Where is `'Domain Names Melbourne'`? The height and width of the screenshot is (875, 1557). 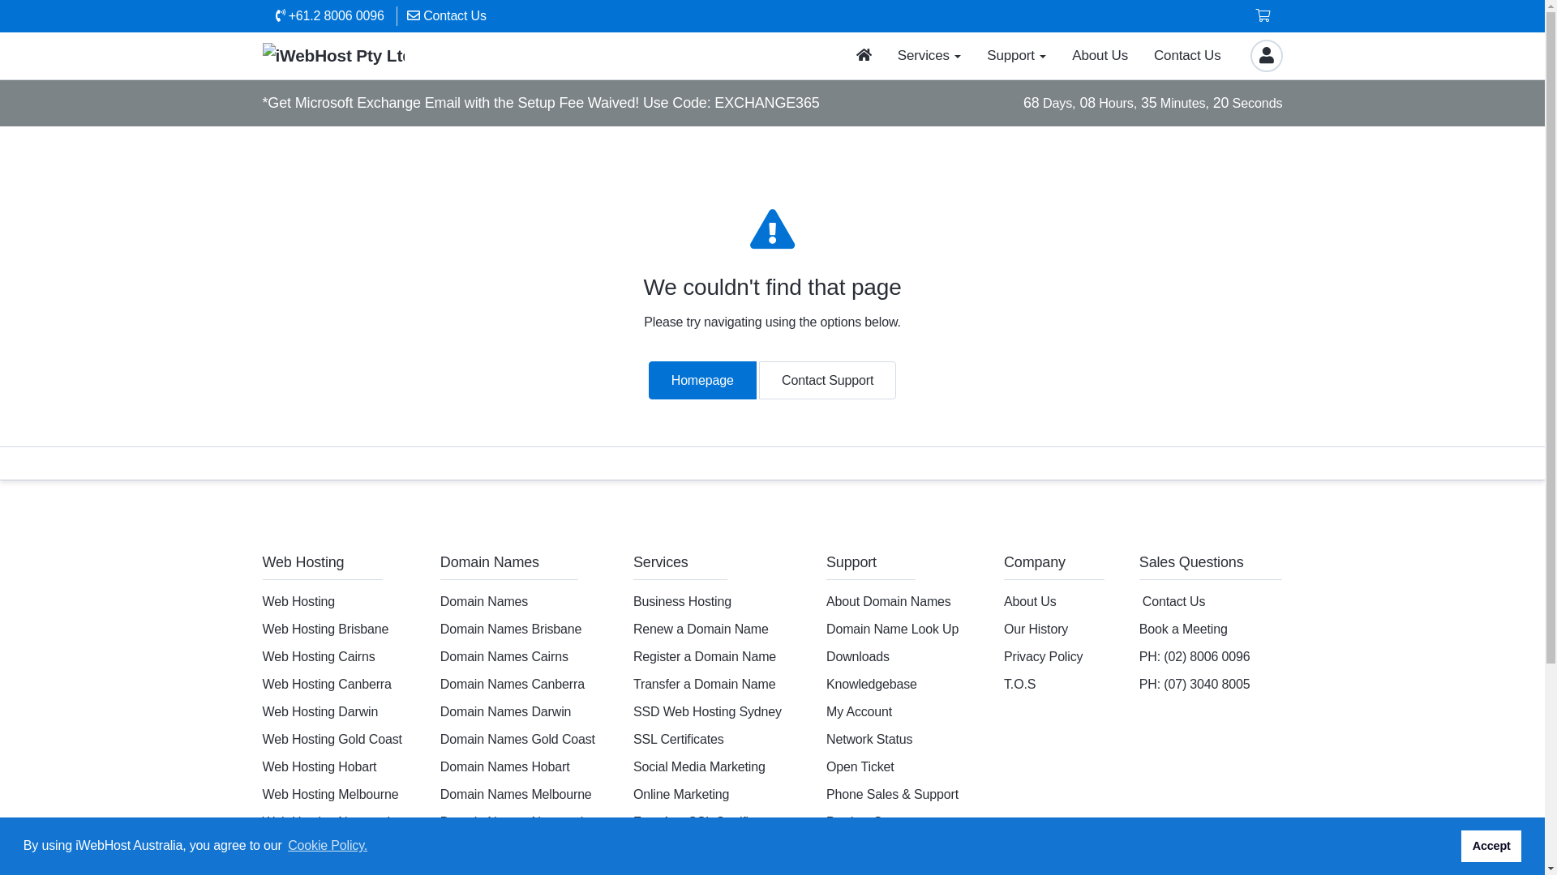
'Domain Names Melbourne' is located at coordinates (515, 793).